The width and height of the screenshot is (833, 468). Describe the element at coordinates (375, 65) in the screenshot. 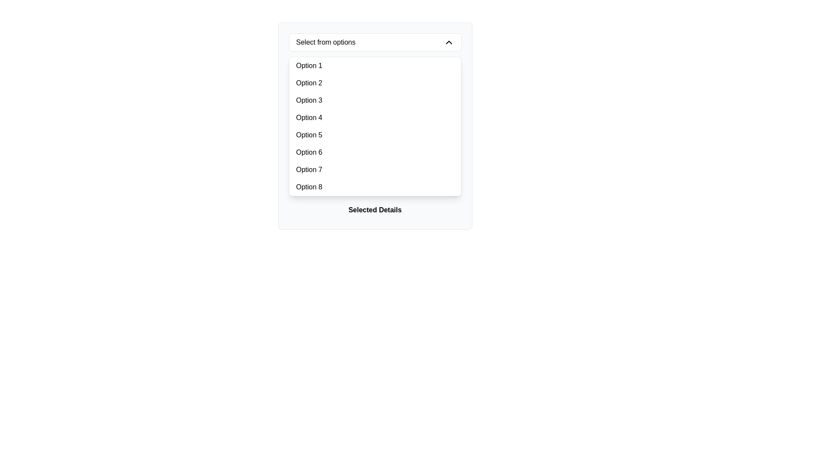

I see `the first item 'Option 1' in the dropdown menu` at that location.